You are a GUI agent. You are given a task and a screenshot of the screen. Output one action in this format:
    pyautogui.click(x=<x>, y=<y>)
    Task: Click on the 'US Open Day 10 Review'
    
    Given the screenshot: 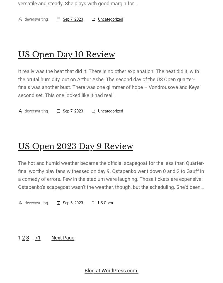 What is the action you would take?
    pyautogui.click(x=66, y=54)
    